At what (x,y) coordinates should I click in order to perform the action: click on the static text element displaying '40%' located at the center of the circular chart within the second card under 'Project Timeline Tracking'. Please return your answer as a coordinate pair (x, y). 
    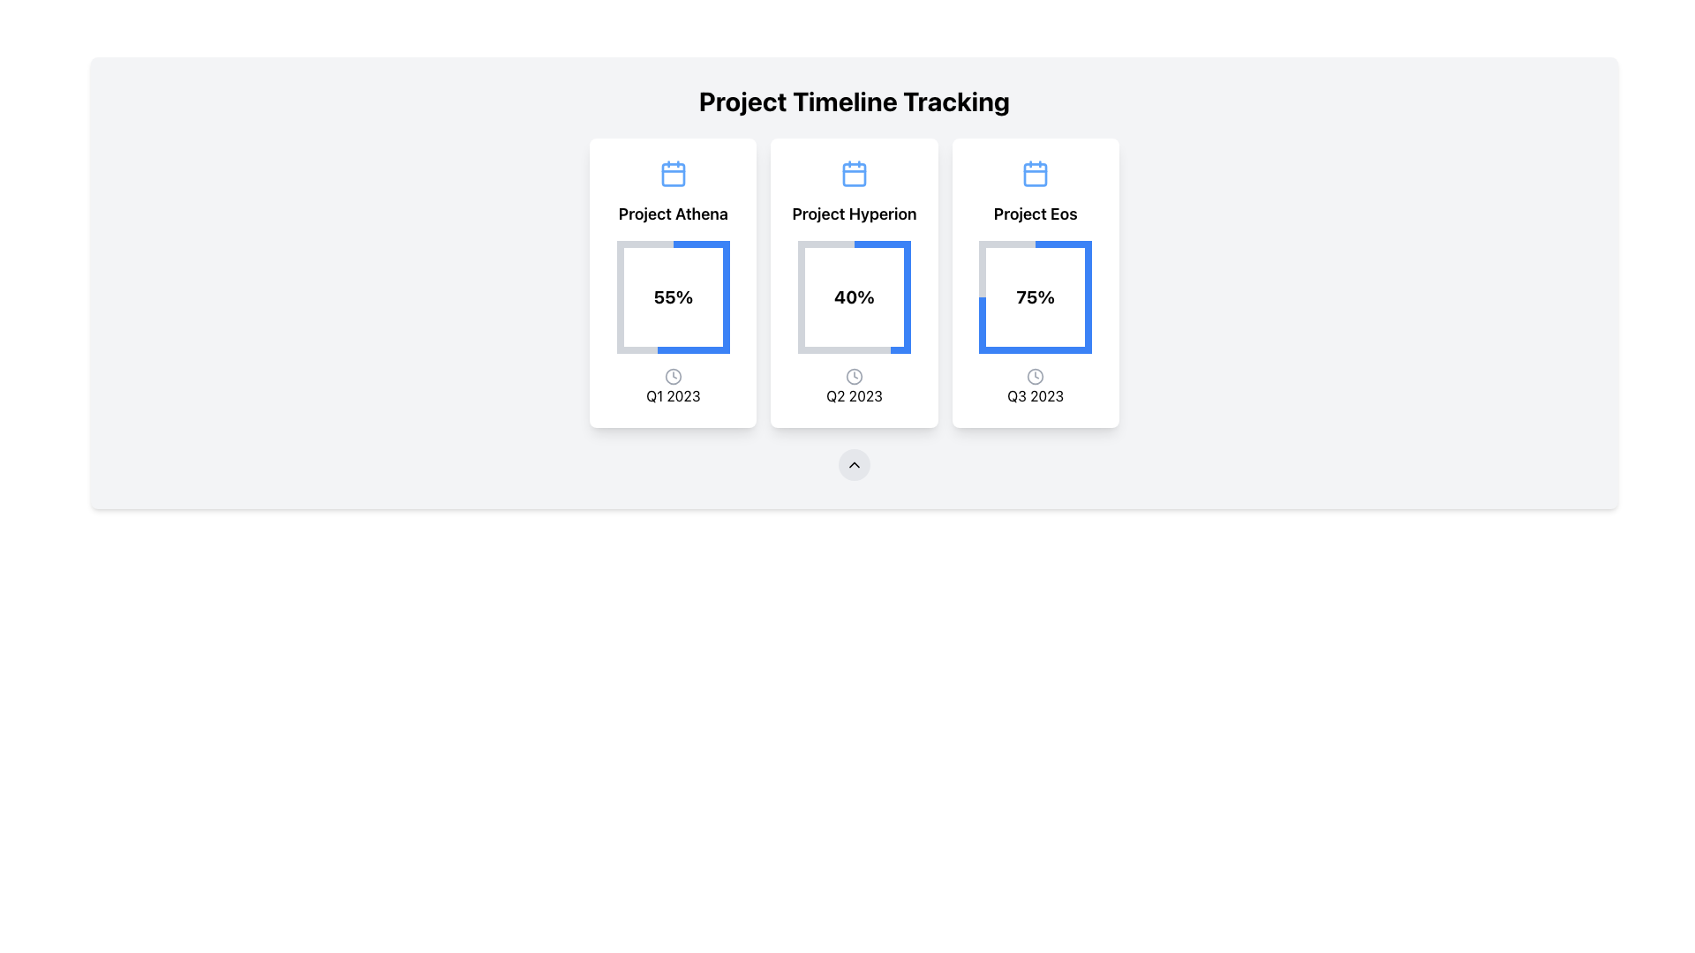
    Looking at the image, I should click on (855, 296).